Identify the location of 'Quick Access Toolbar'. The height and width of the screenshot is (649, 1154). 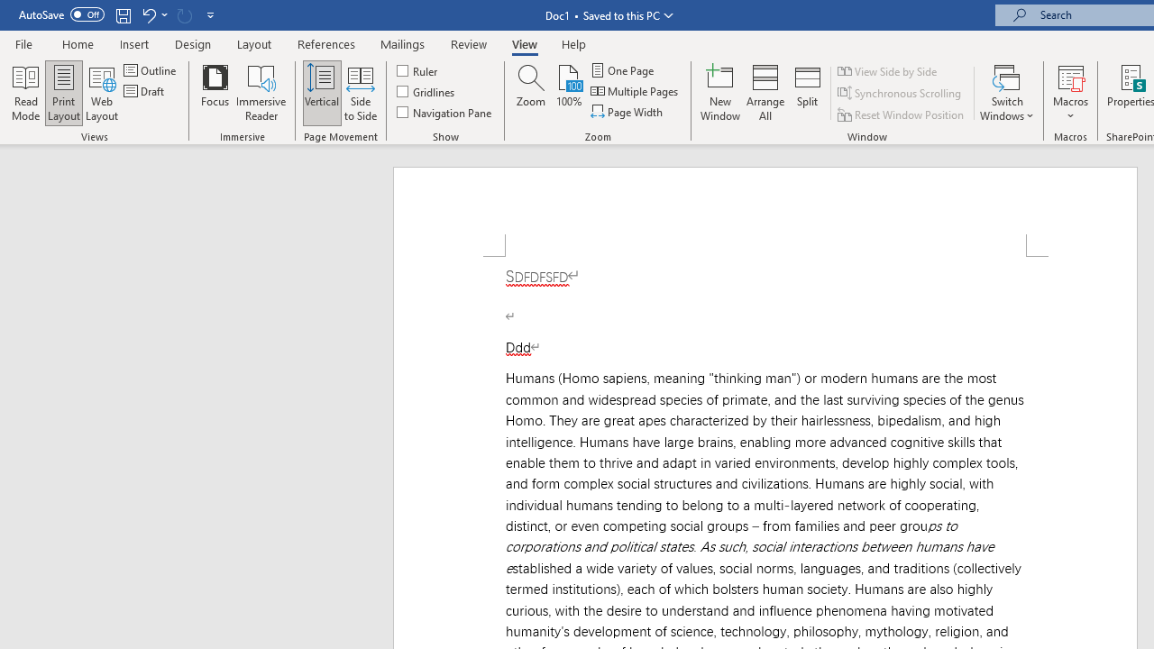
(117, 14).